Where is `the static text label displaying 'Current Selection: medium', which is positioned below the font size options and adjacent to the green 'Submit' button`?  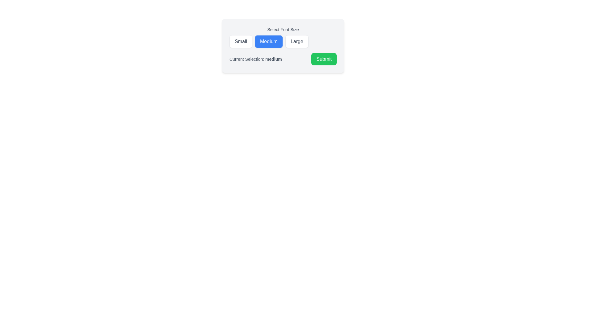
the static text label displaying 'Current Selection: medium', which is positioned below the font size options and adjacent to the green 'Submit' button is located at coordinates (255, 59).